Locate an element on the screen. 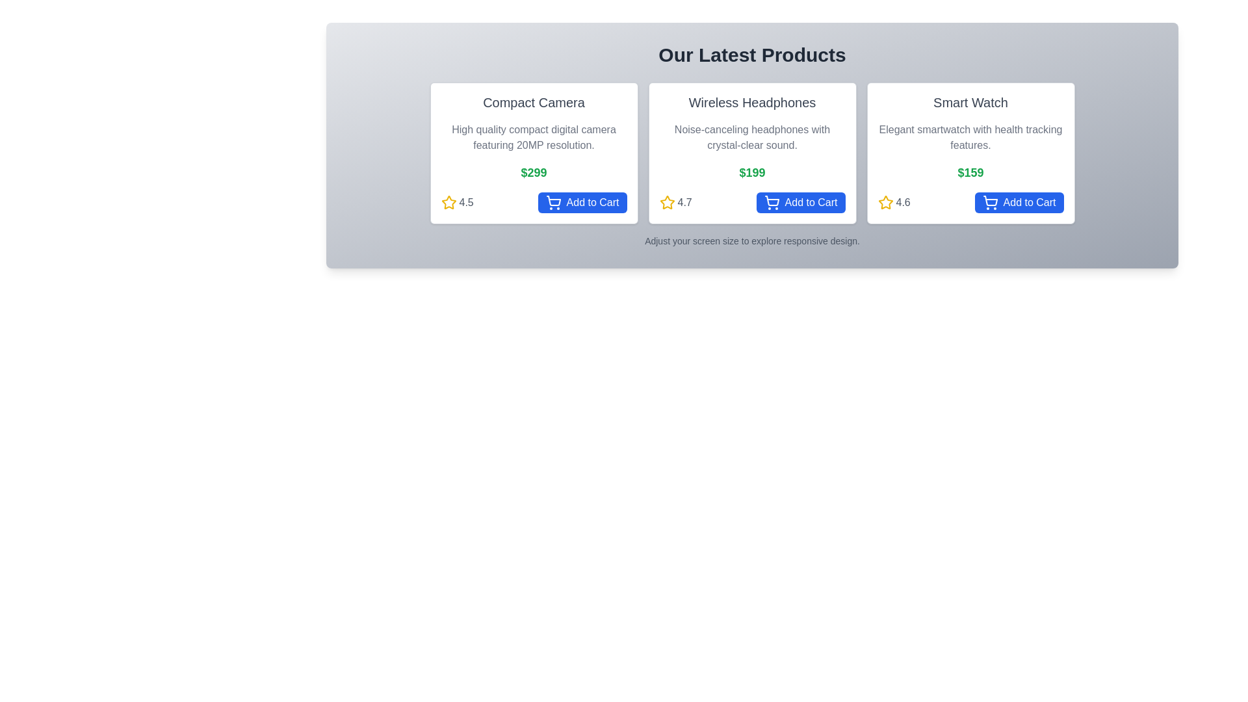  the green bold text label displaying the price '$159' located prominently within the product card for the smartwatch is located at coordinates (970, 172).